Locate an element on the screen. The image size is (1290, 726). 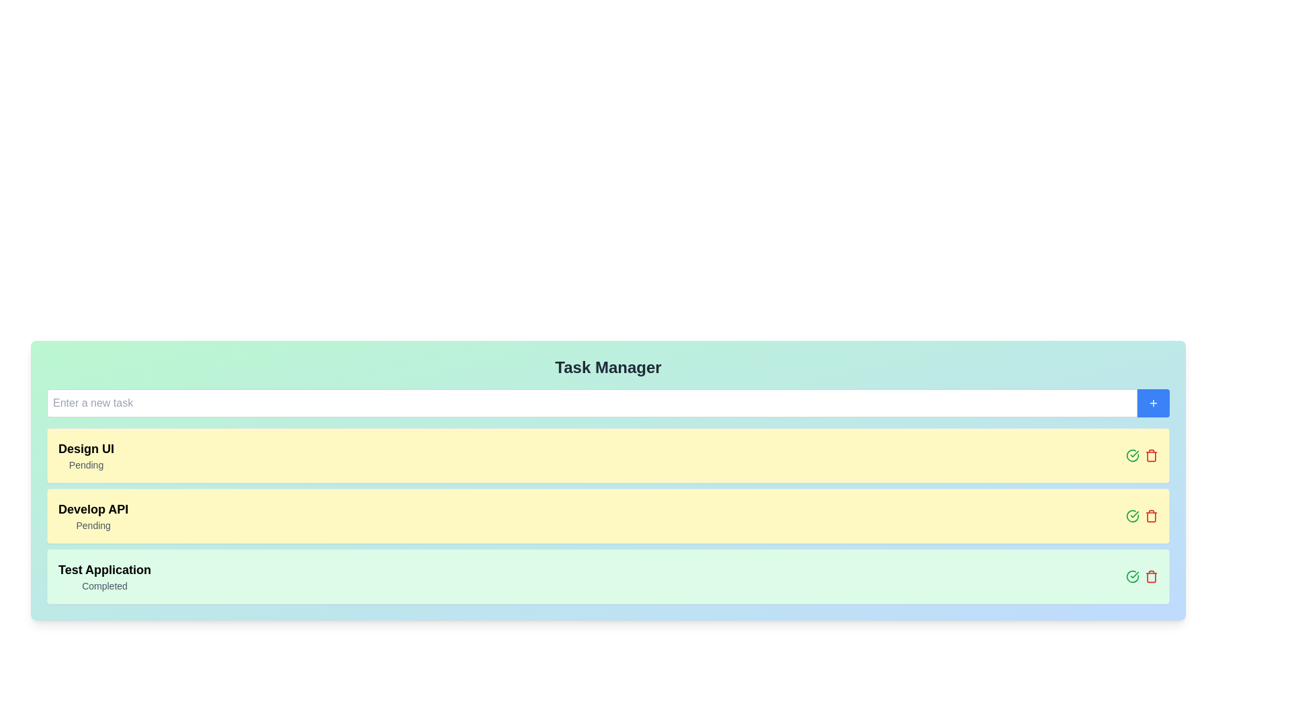
delete button for the task 'Test Application' is located at coordinates (1150, 575).